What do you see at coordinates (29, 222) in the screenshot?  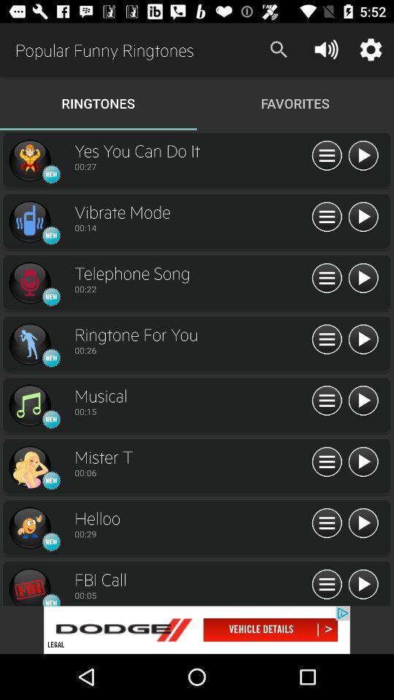 I see `vibrate mode` at bounding box center [29, 222].